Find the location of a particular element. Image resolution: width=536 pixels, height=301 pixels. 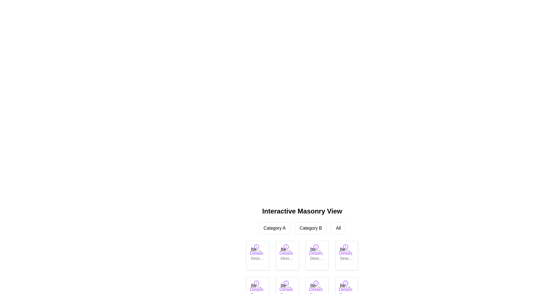

the SVG circle element, which is a circular graphic with a radius of 10 pixels, located in the fourth column of the first row of the grid layout is located at coordinates (345, 246).